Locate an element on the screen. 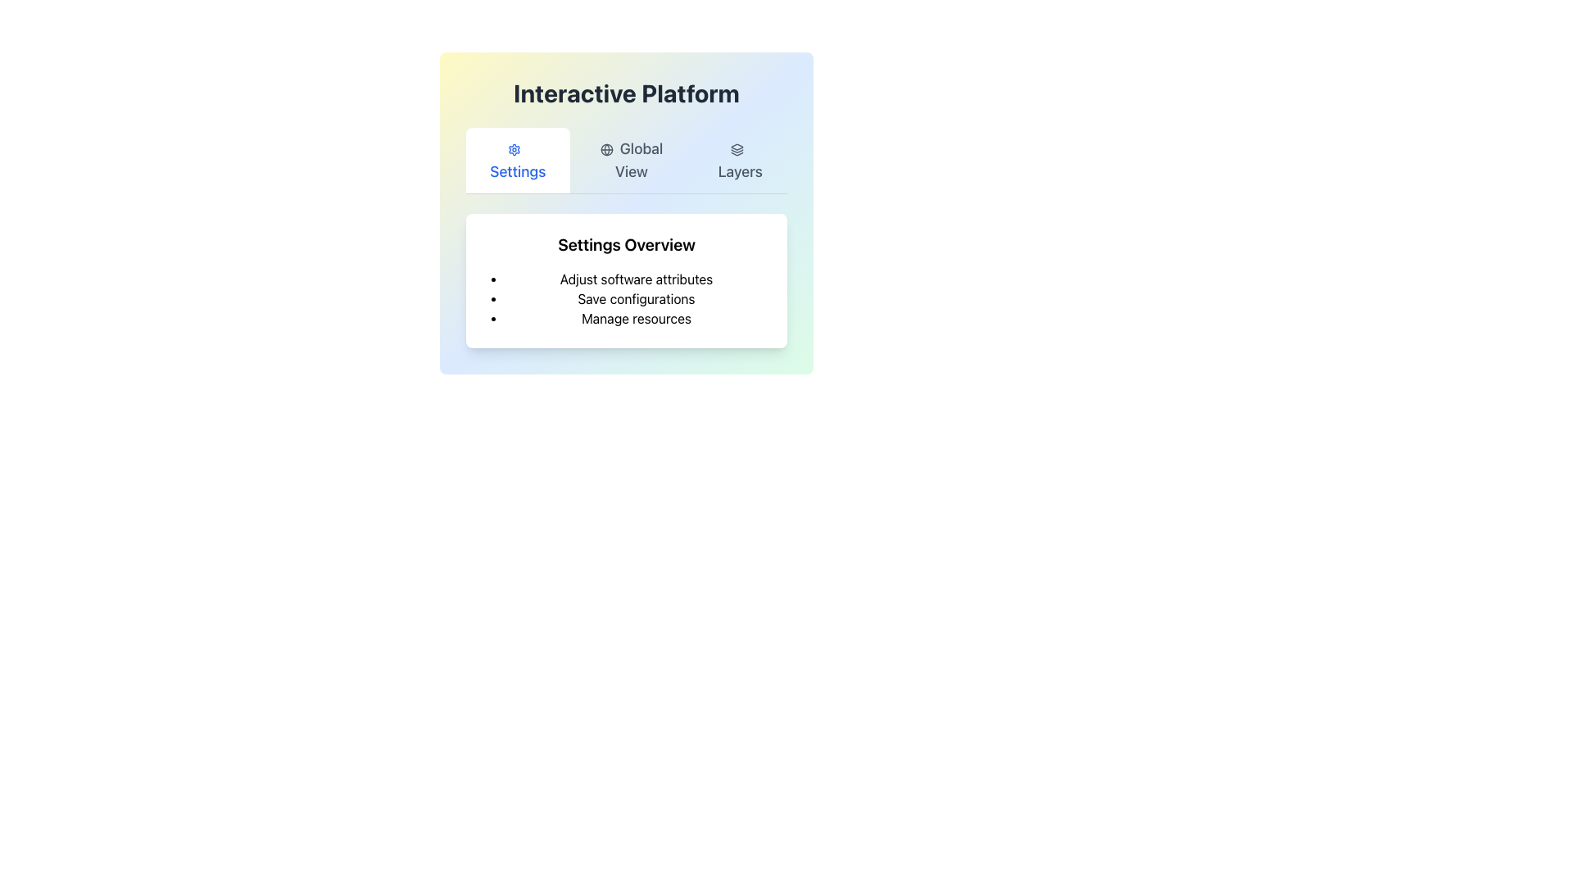  the 'Global View' tab, which is located in the middle of a horizontal list of tabs, flanked by 'Settings' and 'Layers' is located at coordinates (631, 161).